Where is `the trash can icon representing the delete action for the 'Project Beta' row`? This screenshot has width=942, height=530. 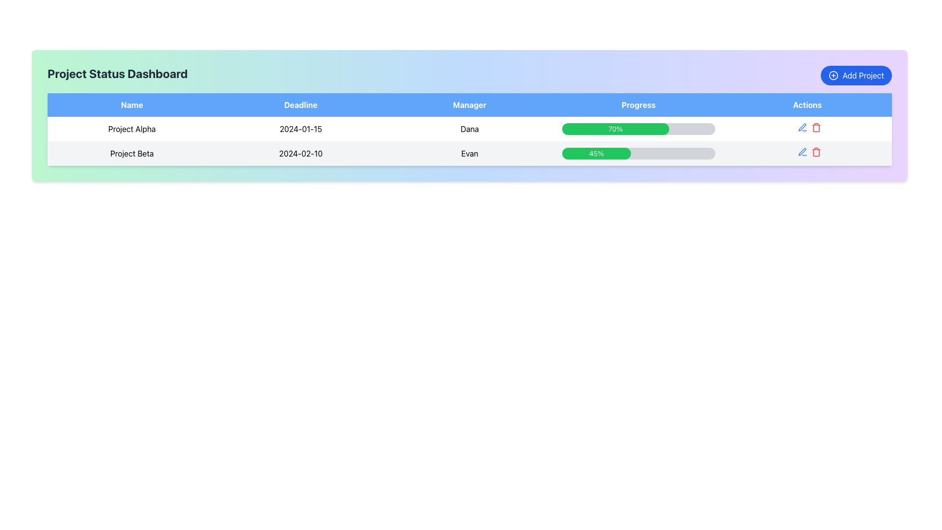
the trash can icon representing the delete action for the 'Project Beta' row is located at coordinates (816, 153).